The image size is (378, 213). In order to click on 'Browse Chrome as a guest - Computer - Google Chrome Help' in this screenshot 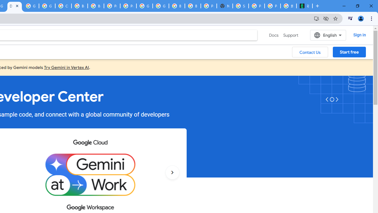, I will do `click(79, 6)`.